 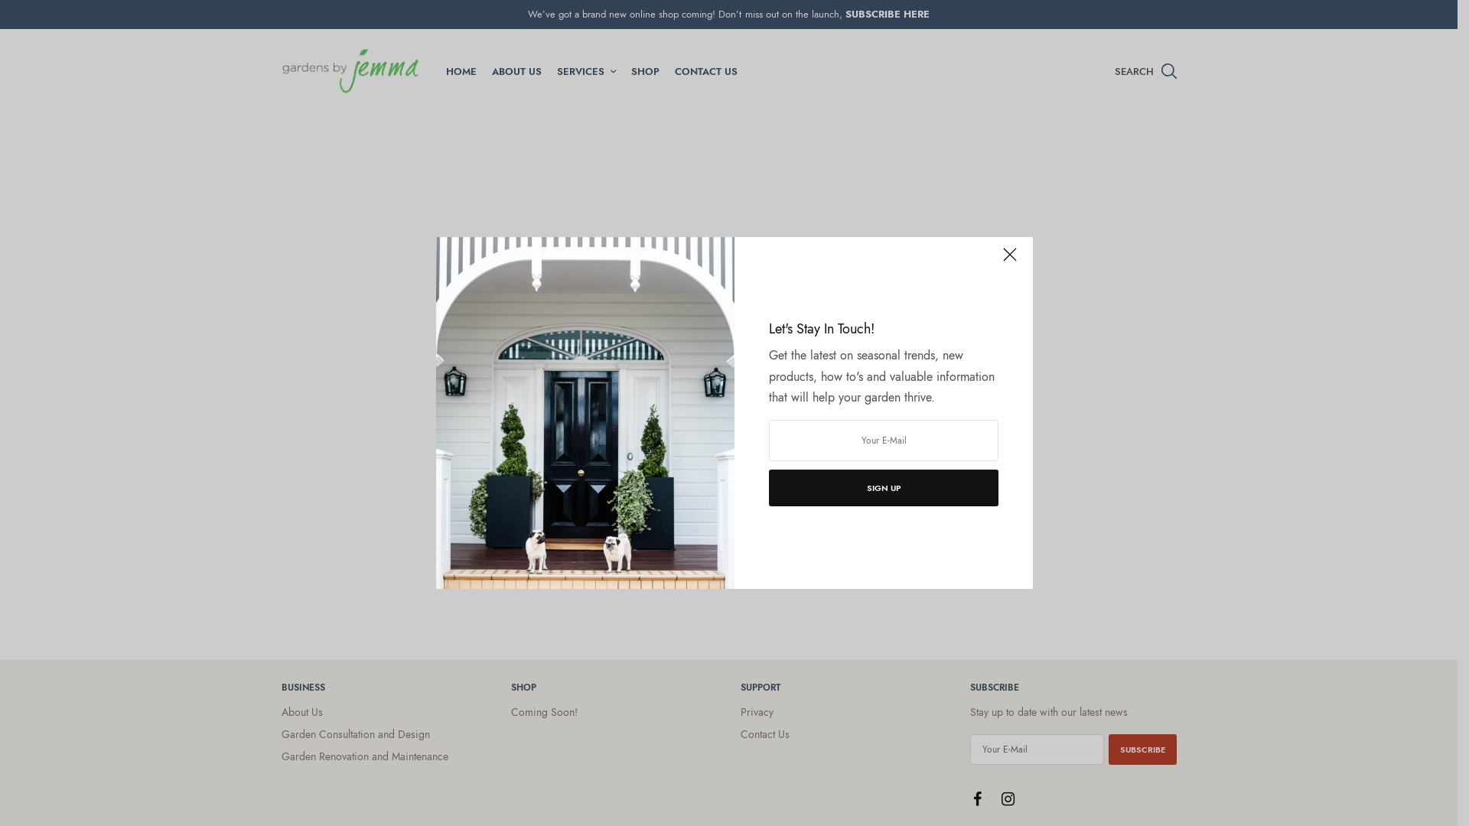 I want to click on 'ABOUT US', so click(x=516, y=71).